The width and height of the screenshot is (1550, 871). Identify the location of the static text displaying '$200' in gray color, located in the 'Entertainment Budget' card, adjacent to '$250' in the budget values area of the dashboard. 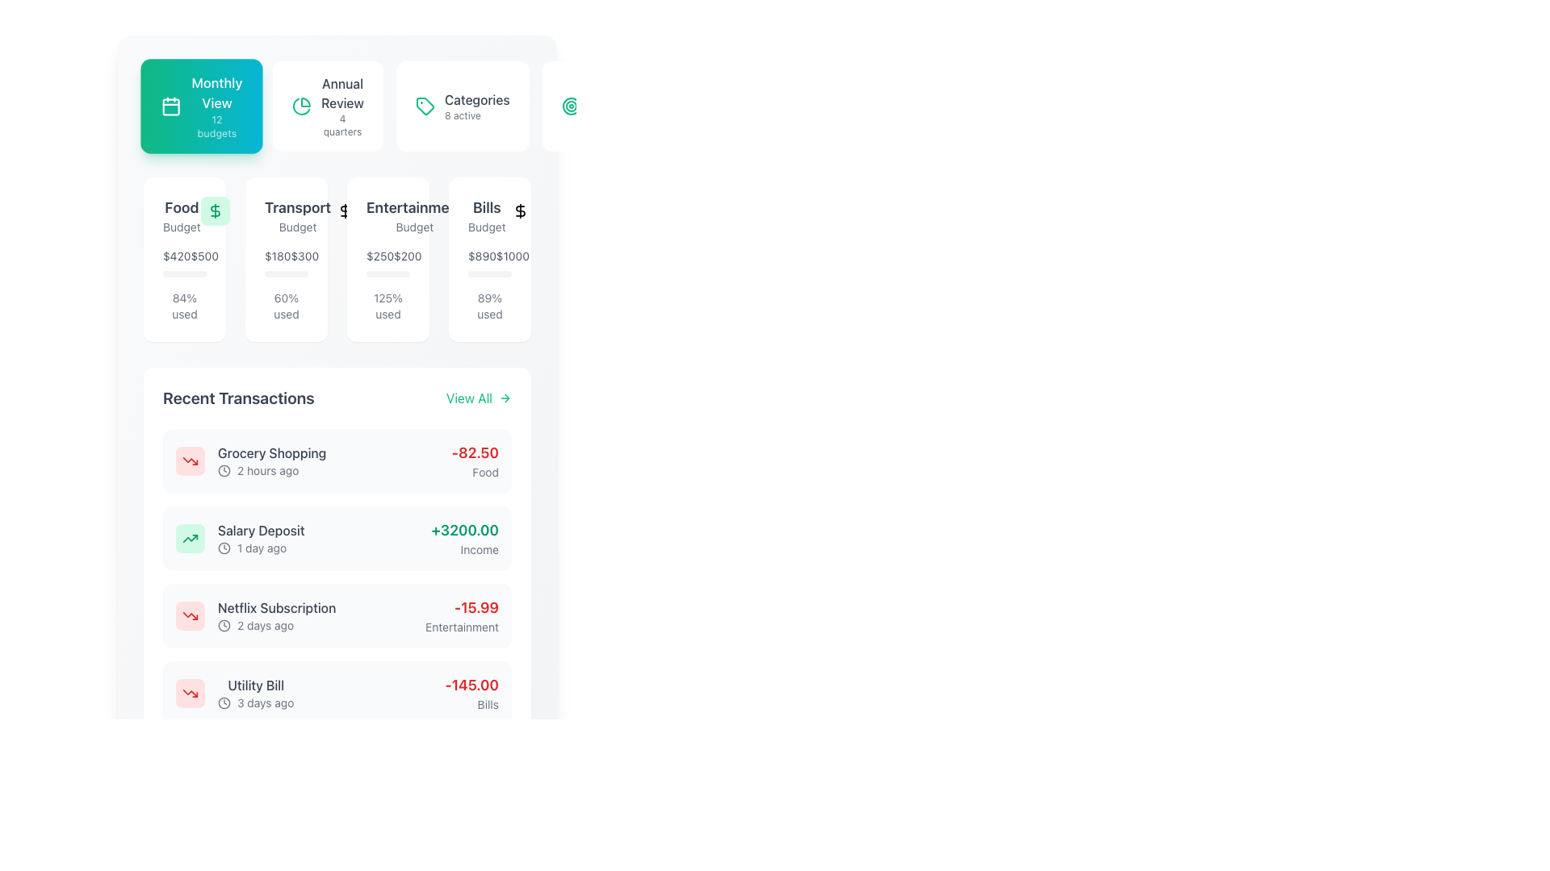
(408, 255).